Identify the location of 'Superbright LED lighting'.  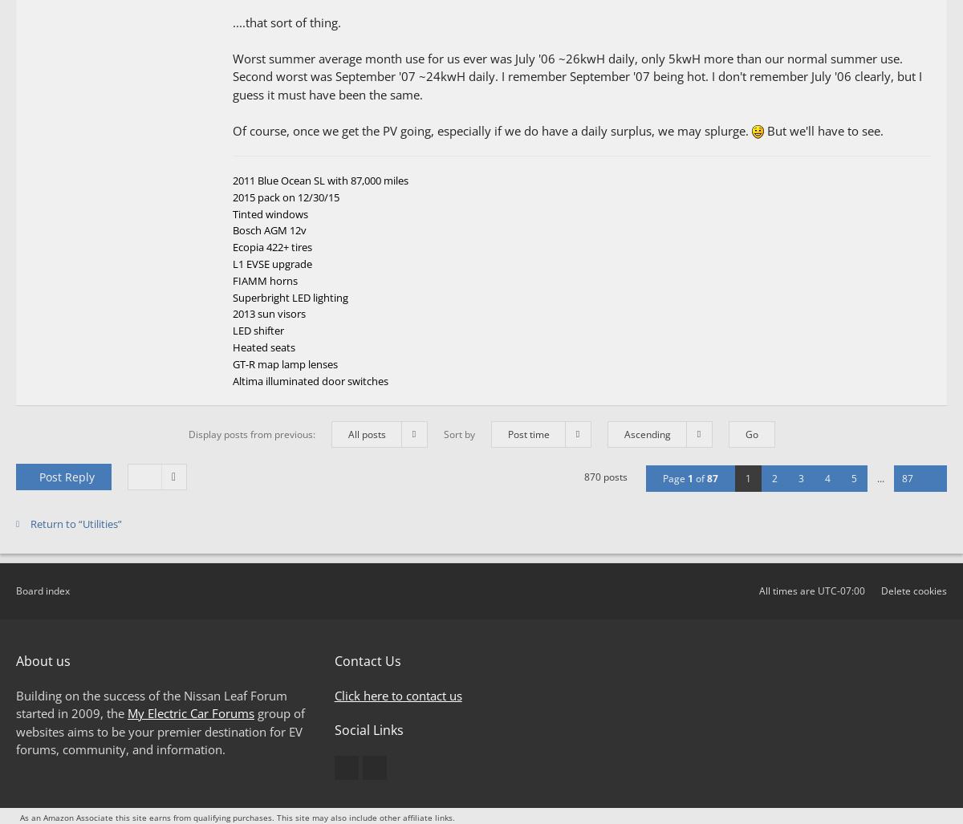
(291, 297).